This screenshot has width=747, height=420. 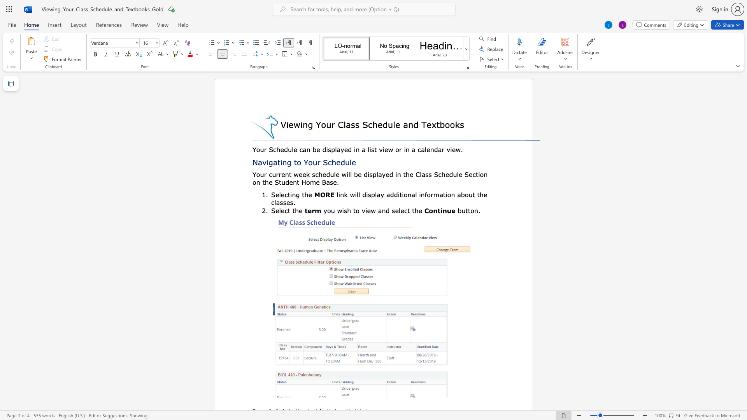 What do you see at coordinates (274, 174) in the screenshot?
I see `the 2th character "u" in the text` at bounding box center [274, 174].